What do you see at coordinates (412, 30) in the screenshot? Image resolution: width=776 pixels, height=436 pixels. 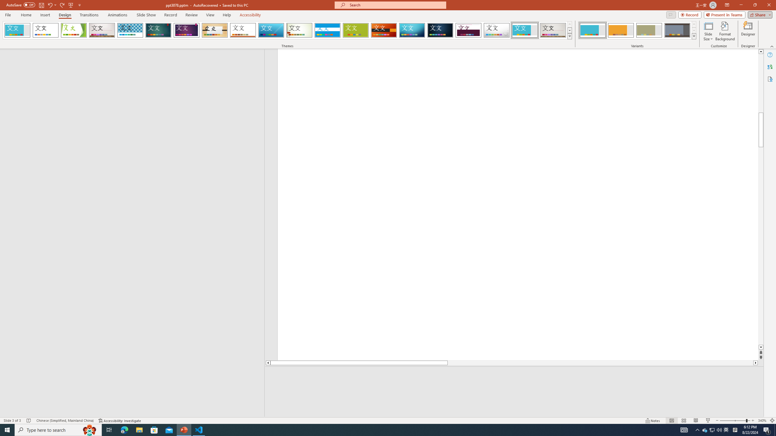 I see `'Circuit'` at bounding box center [412, 30].